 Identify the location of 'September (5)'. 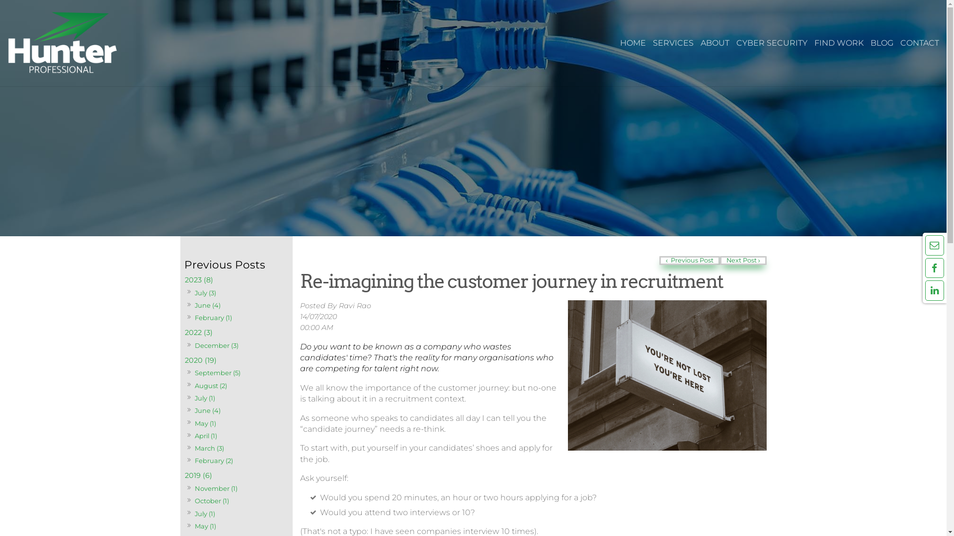
(217, 373).